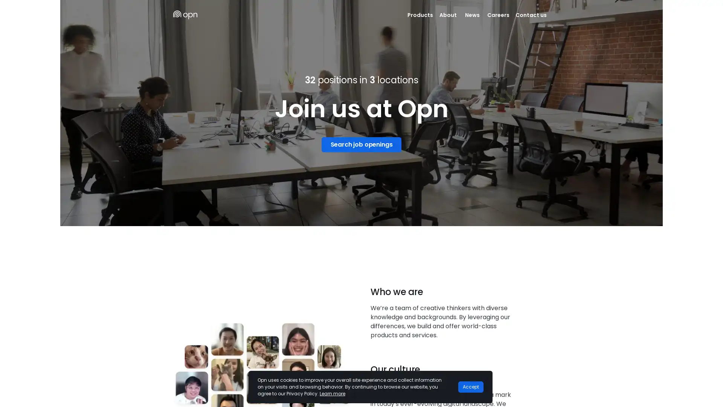 The image size is (723, 407). Describe the element at coordinates (531, 15) in the screenshot. I see `Contact us` at that location.